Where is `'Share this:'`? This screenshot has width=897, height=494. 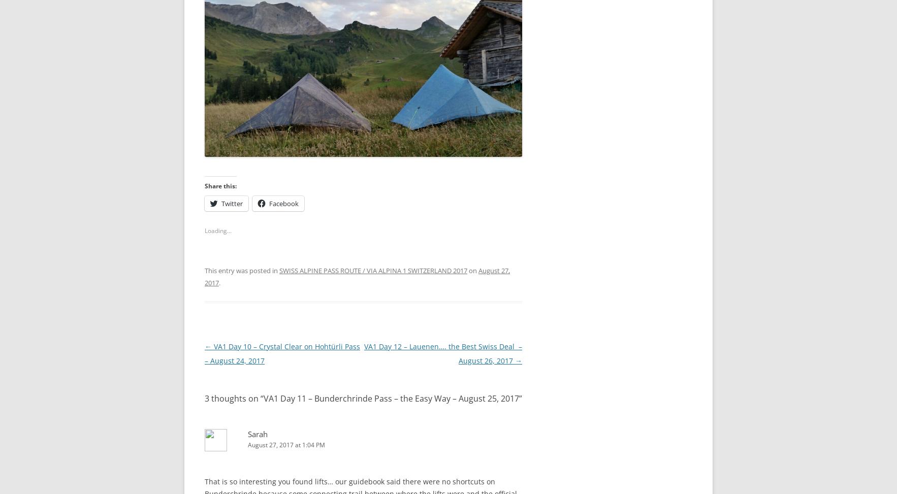 'Share this:' is located at coordinates (220, 185).